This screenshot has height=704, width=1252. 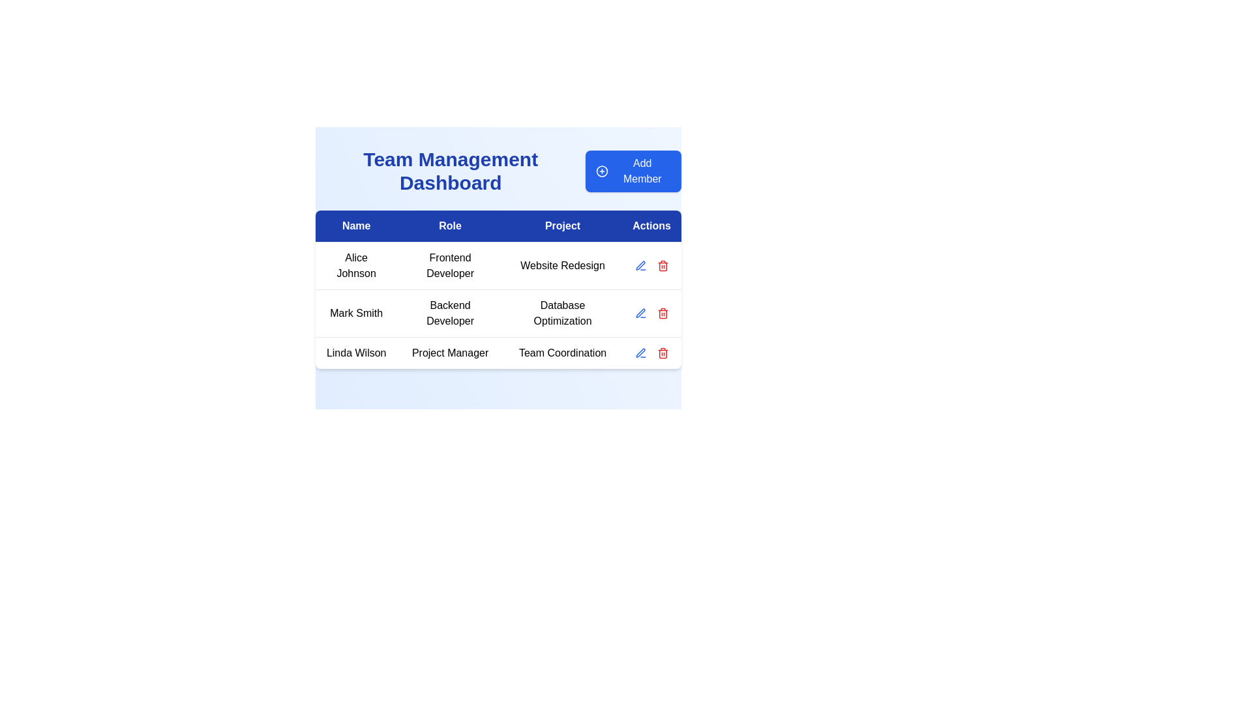 I want to click on the Static Text element displaying 'Project Manager', located in the third row and second column of the table, positioned between 'Linda Wilson' and 'Team Coordination', so click(x=450, y=353).